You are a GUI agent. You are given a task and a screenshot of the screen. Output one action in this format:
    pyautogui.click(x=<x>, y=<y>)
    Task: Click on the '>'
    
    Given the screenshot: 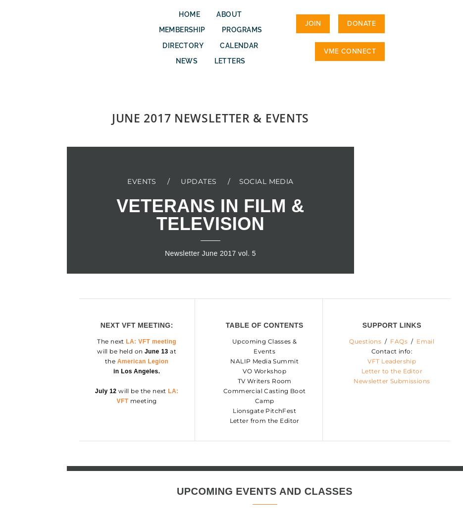 What is the action you would take?
    pyautogui.click(x=72, y=261)
    